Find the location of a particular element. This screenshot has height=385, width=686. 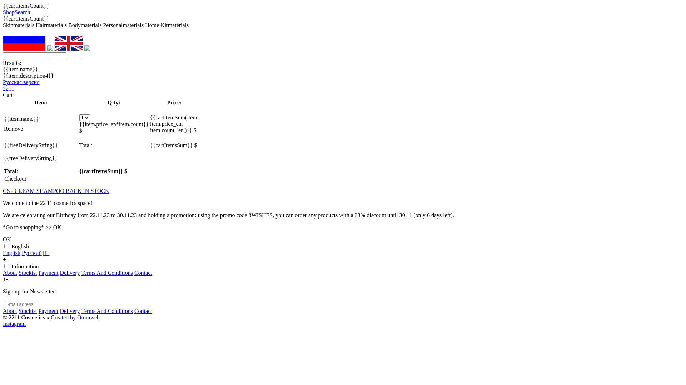

'Instagram' is located at coordinates (14, 324).